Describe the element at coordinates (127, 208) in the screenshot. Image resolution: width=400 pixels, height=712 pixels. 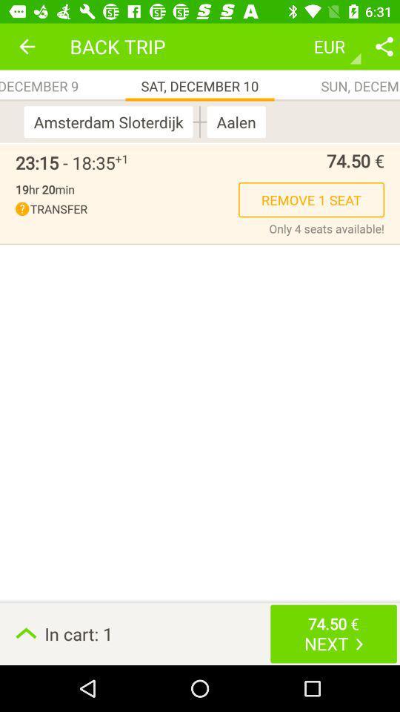
I see `the transfer item` at that location.